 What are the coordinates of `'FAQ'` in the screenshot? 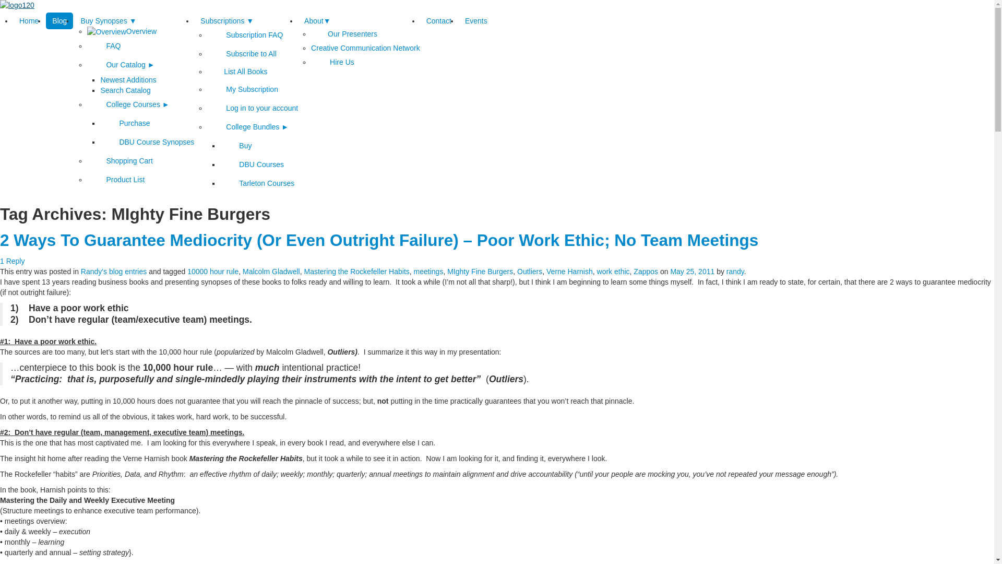 It's located at (87, 45).